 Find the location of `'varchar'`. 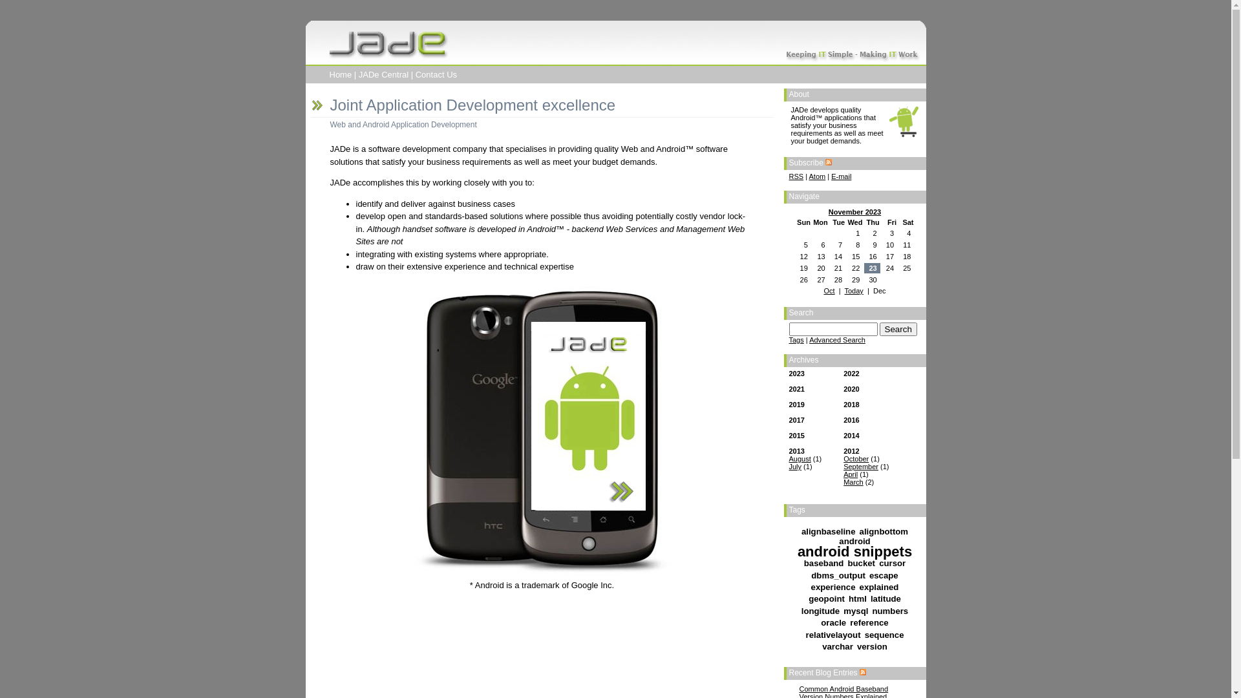

'varchar' is located at coordinates (838, 646).